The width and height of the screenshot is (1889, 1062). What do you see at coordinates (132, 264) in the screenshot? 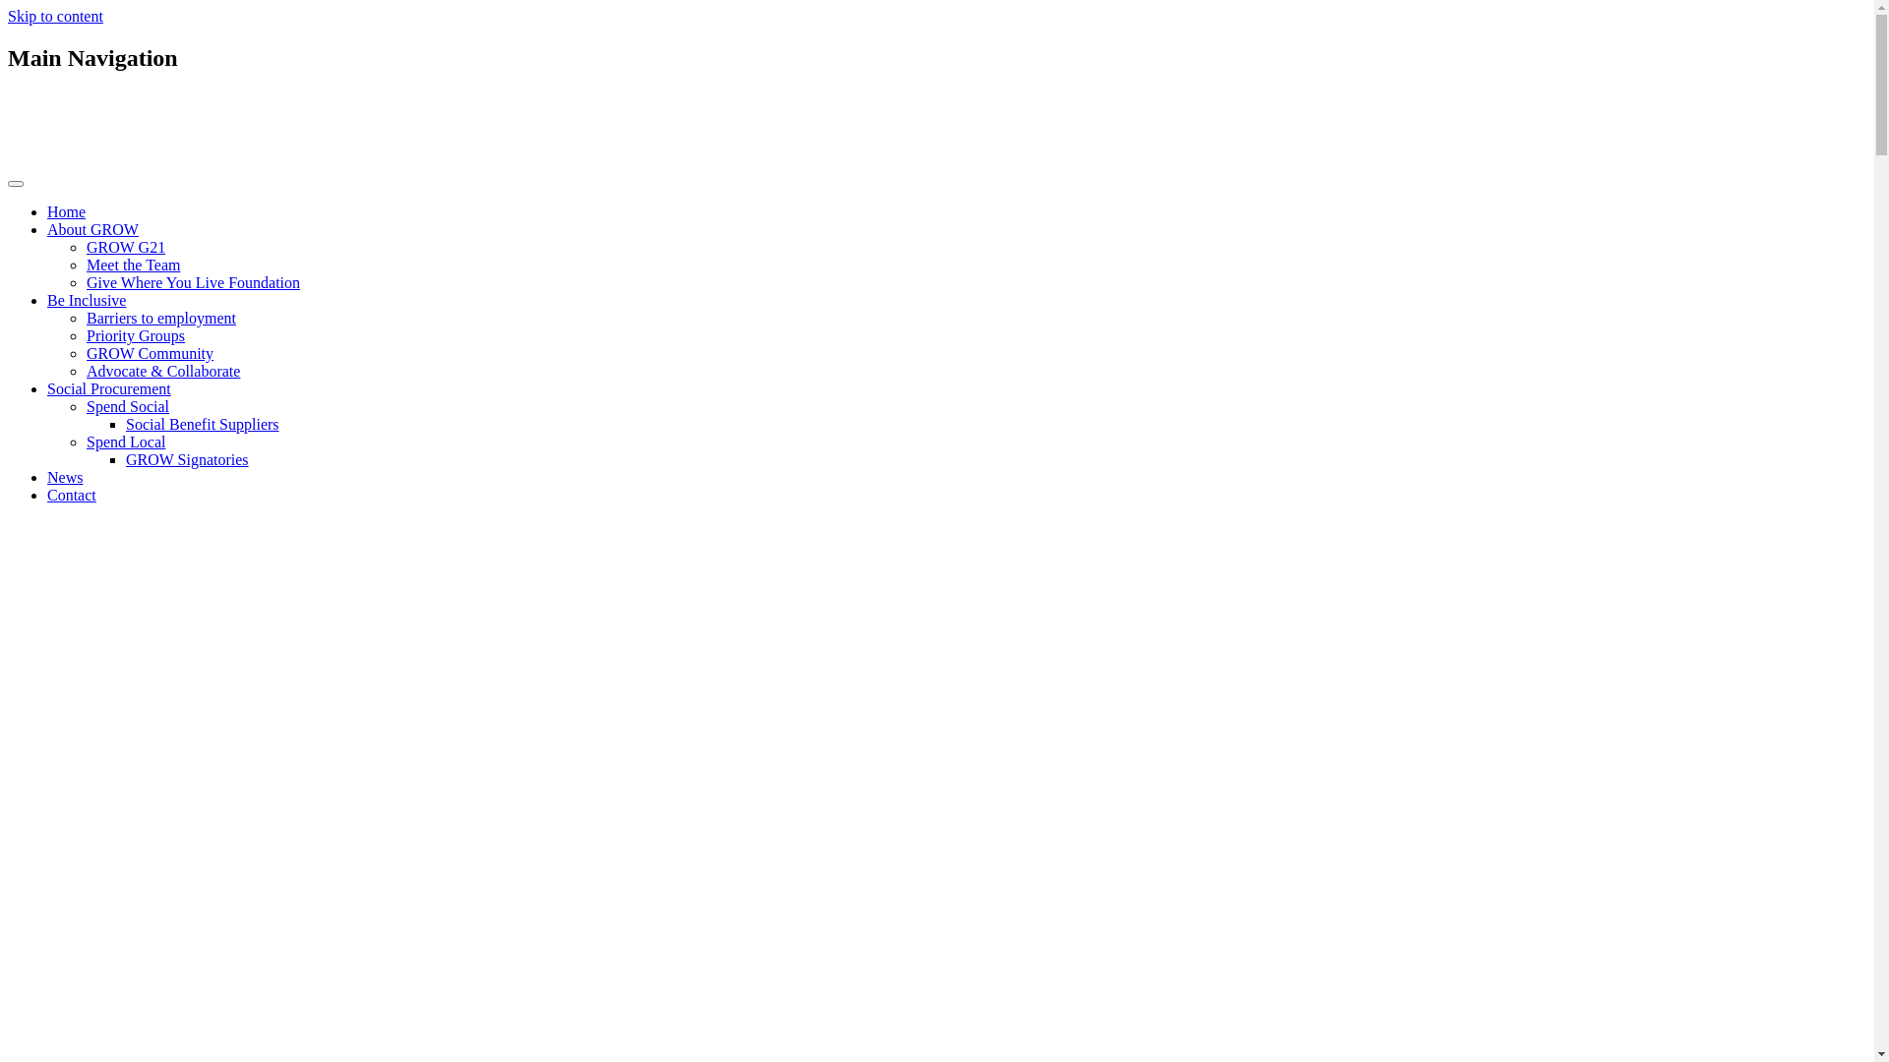
I see `'Meet the Team'` at bounding box center [132, 264].